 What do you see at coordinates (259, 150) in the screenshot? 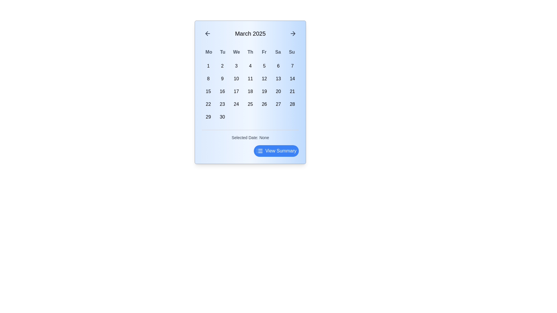
I see `the summary icon located to the left of the 'View Summary' button at the bottom-right of the main calendar interface` at bounding box center [259, 150].